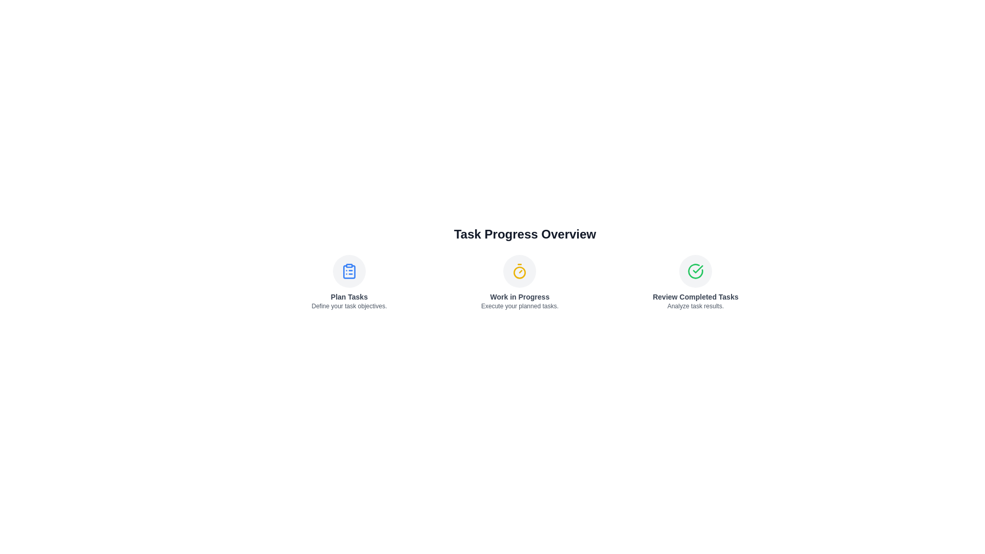 The width and height of the screenshot is (985, 554). Describe the element at coordinates (349, 270) in the screenshot. I see `the icon of the step Plan Tasks` at that location.